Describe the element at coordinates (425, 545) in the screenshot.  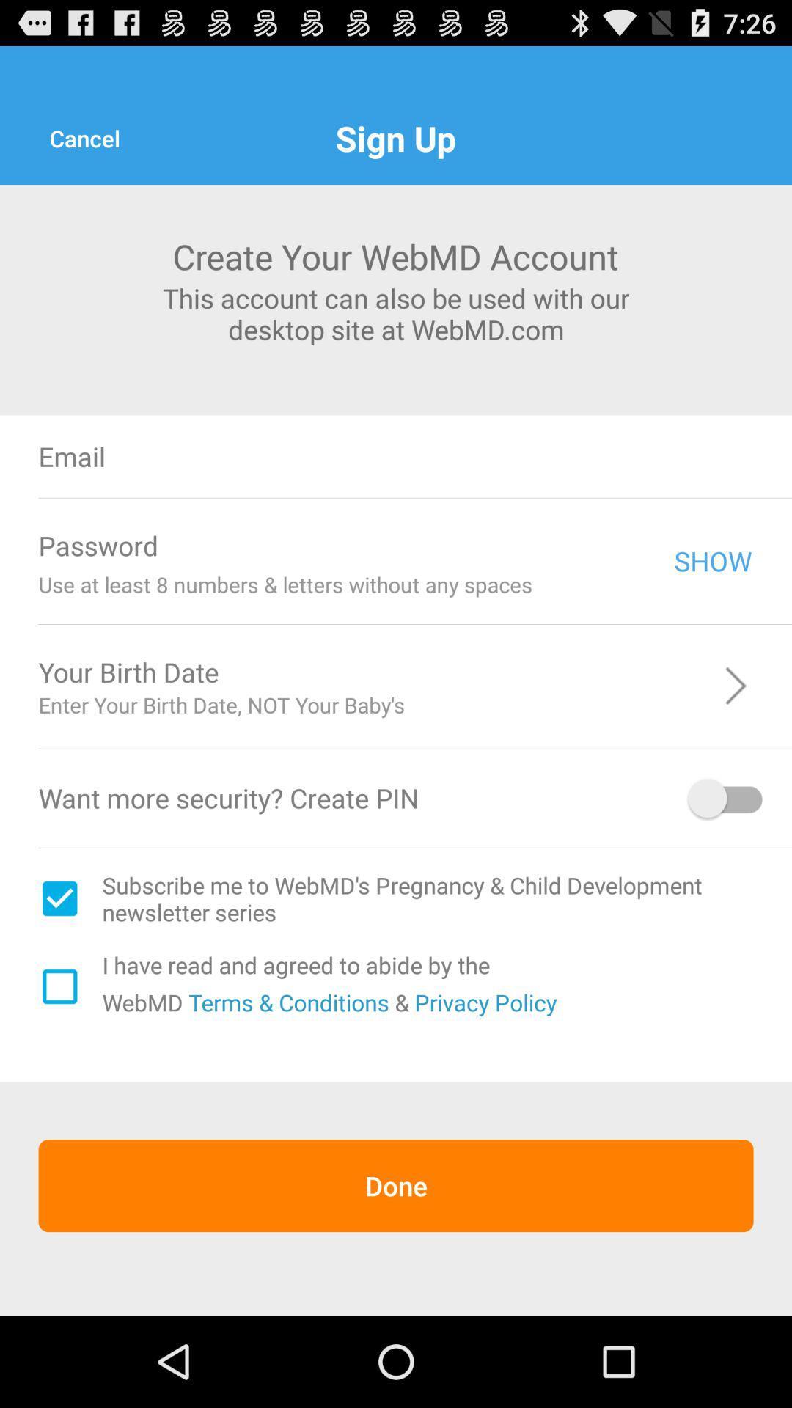
I see `your password of at least 8 characters` at that location.